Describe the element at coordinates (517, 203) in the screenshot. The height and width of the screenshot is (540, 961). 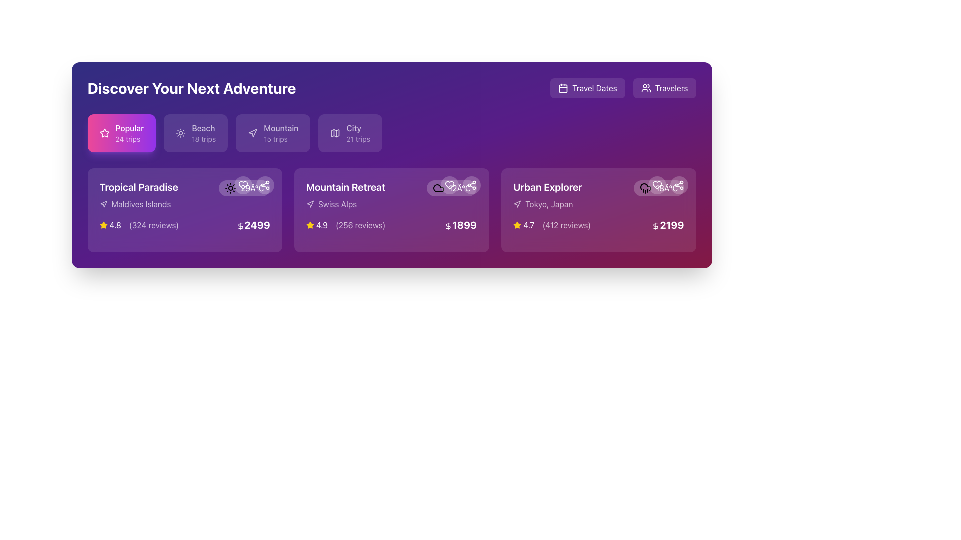
I see `the navigation/location icon, which is an arrow-like icon positioned to the left of the text 'Tokyo, Japan' in the 'Urban Explorer' card, located in the upper-right area of the interface` at that location.